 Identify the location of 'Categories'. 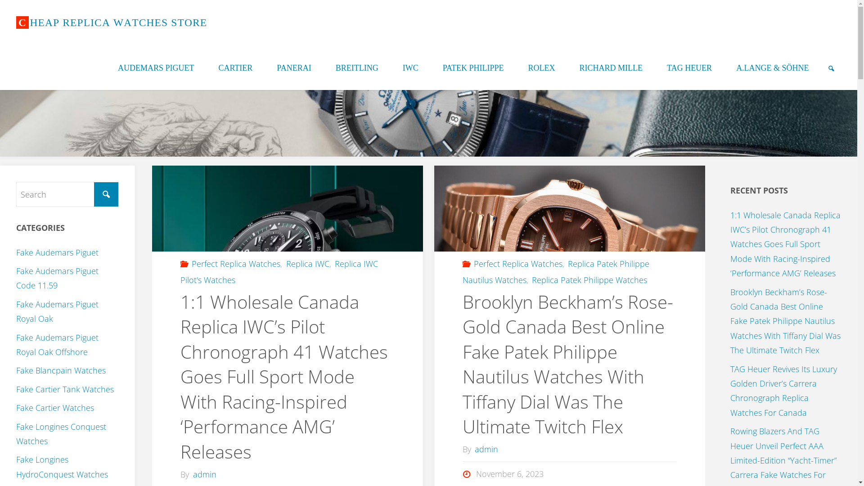
(185, 263).